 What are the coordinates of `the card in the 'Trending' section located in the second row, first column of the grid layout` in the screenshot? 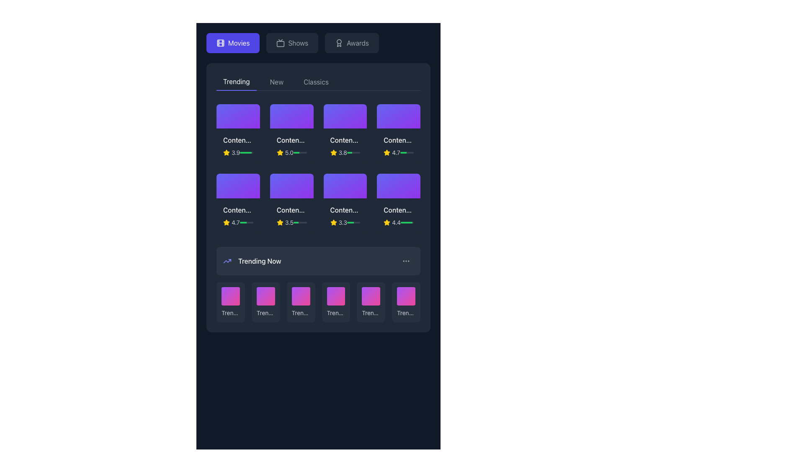 It's located at (237, 215).